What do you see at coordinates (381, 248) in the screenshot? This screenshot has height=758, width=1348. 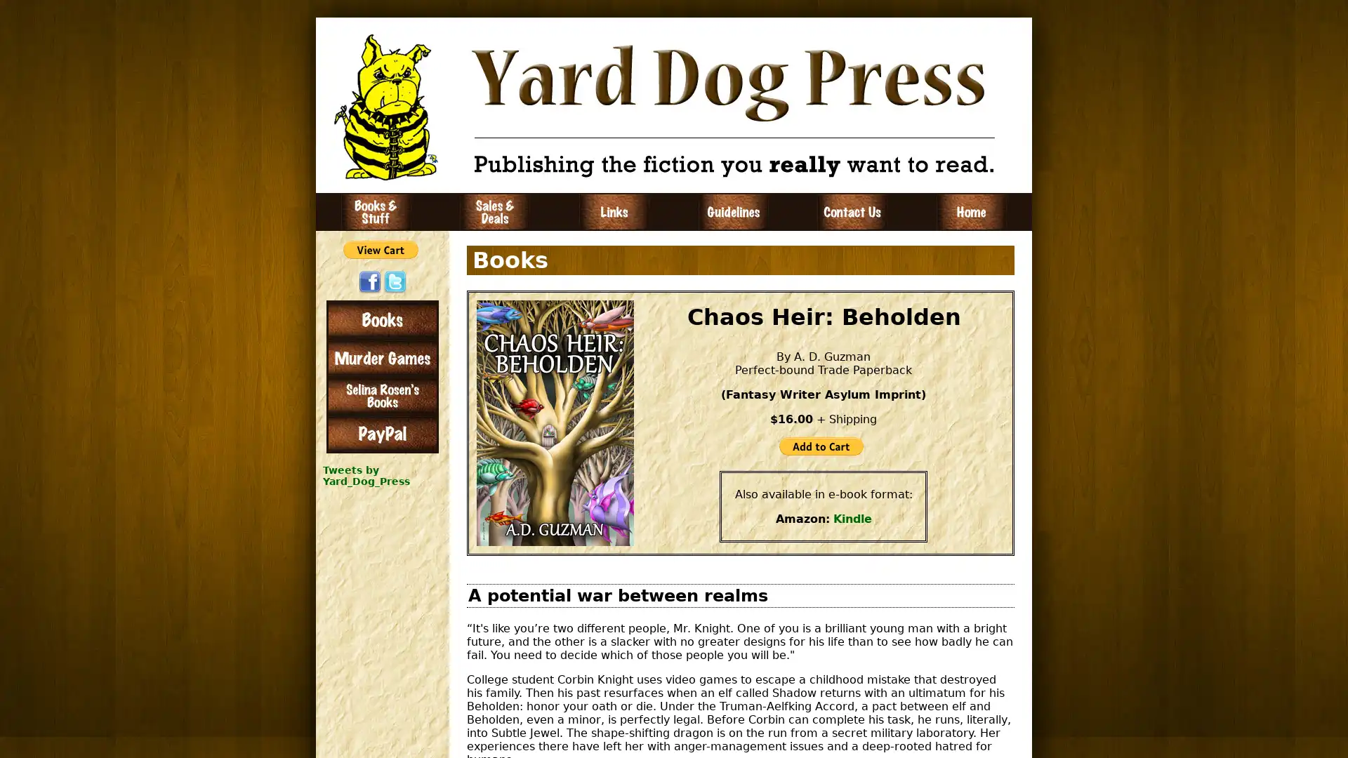 I see `PayPal - The safer, easier way to pay online` at bounding box center [381, 248].